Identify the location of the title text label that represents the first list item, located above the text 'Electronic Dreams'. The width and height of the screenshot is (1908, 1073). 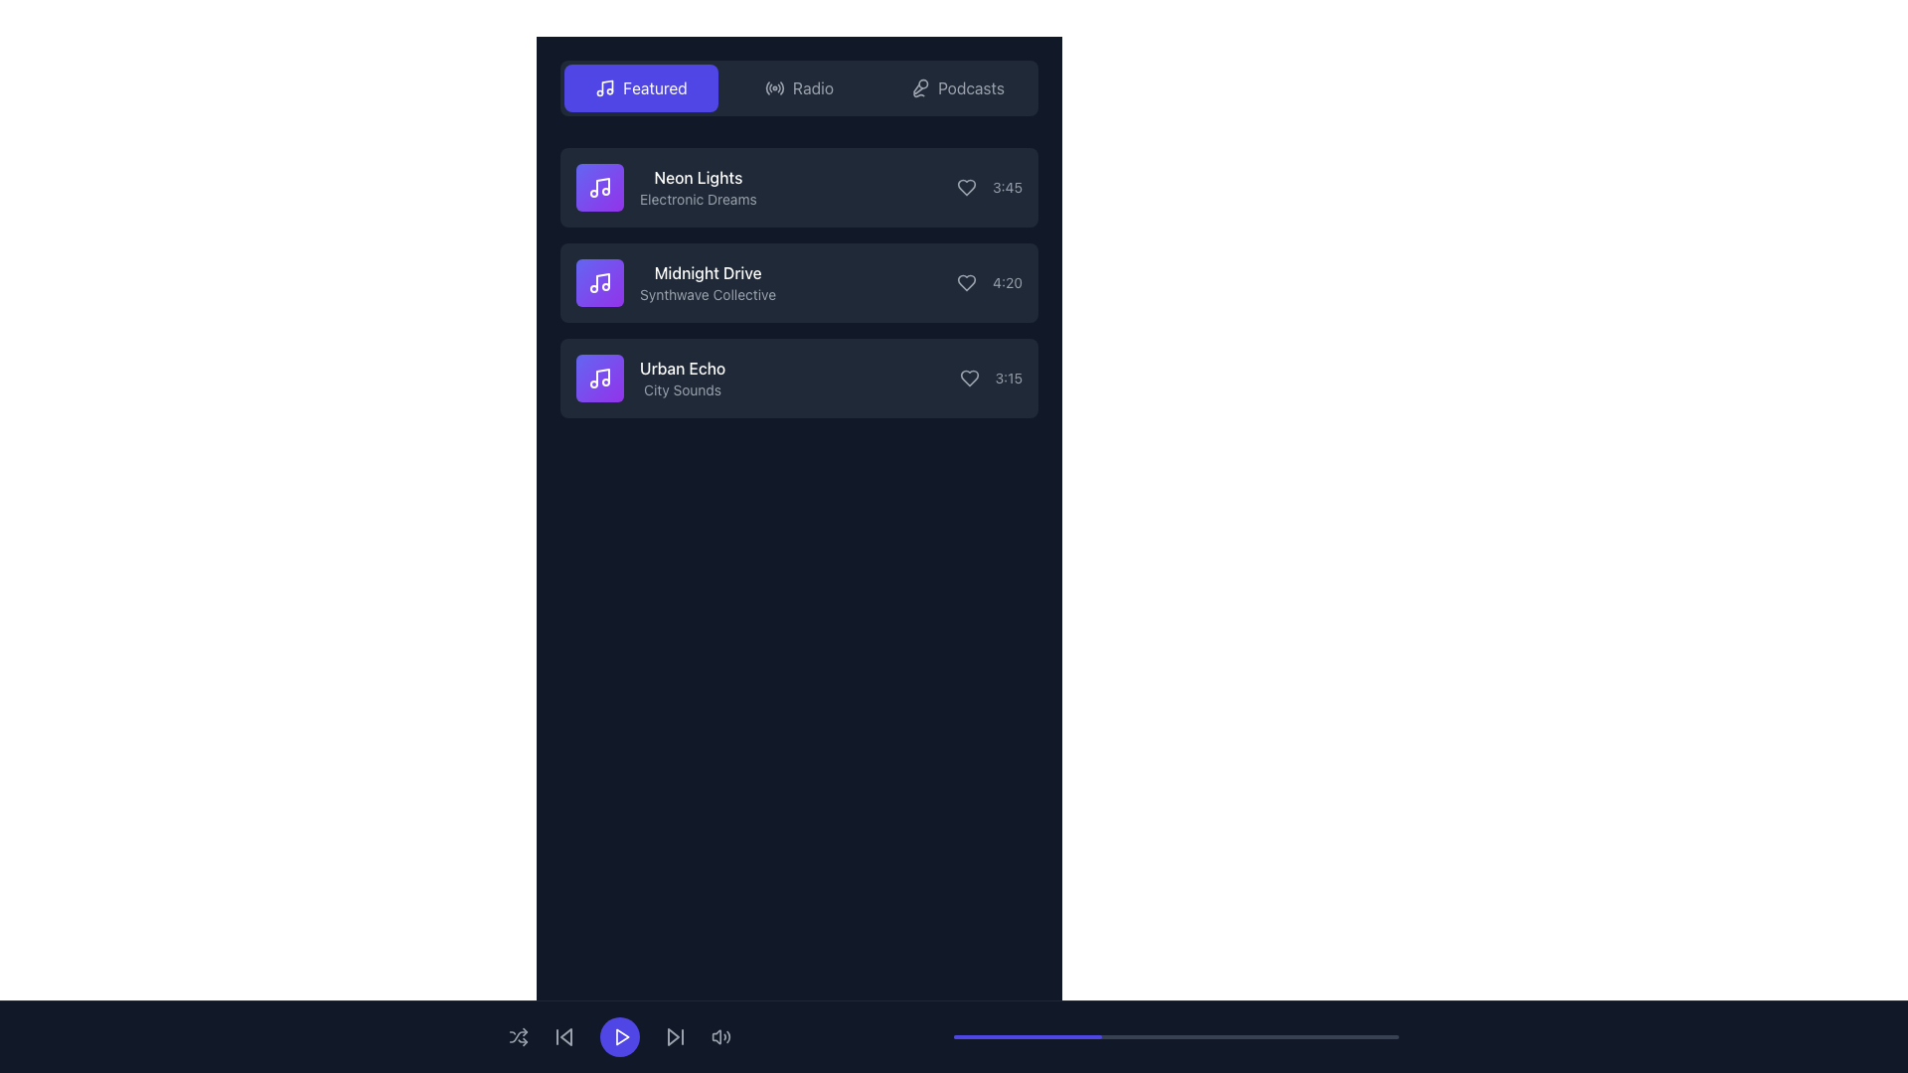
(698, 176).